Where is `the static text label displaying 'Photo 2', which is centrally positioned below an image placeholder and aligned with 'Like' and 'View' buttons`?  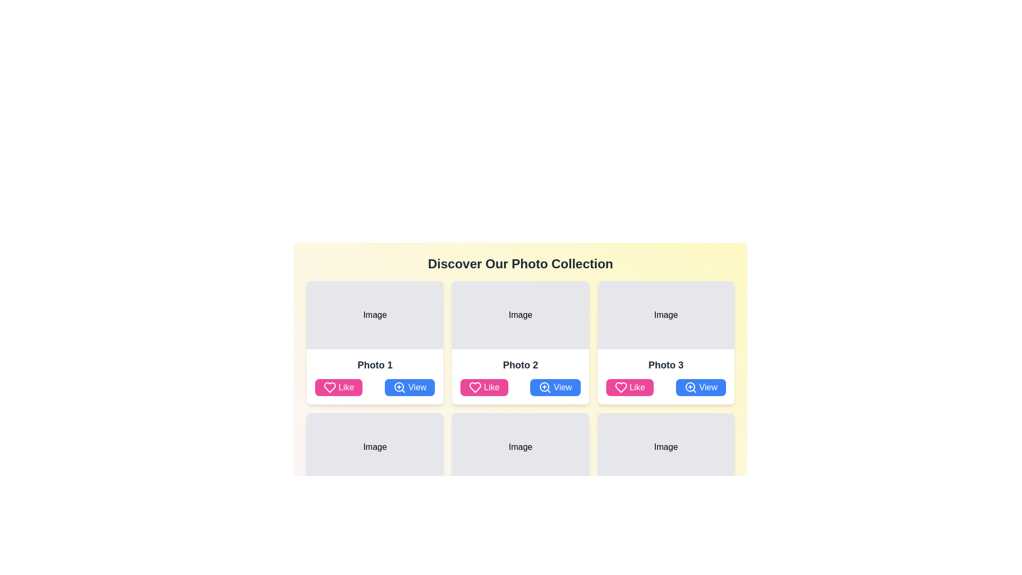 the static text label displaying 'Photo 2', which is centrally positioned below an image placeholder and aligned with 'Like' and 'View' buttons is located at coordinates (521, 365).